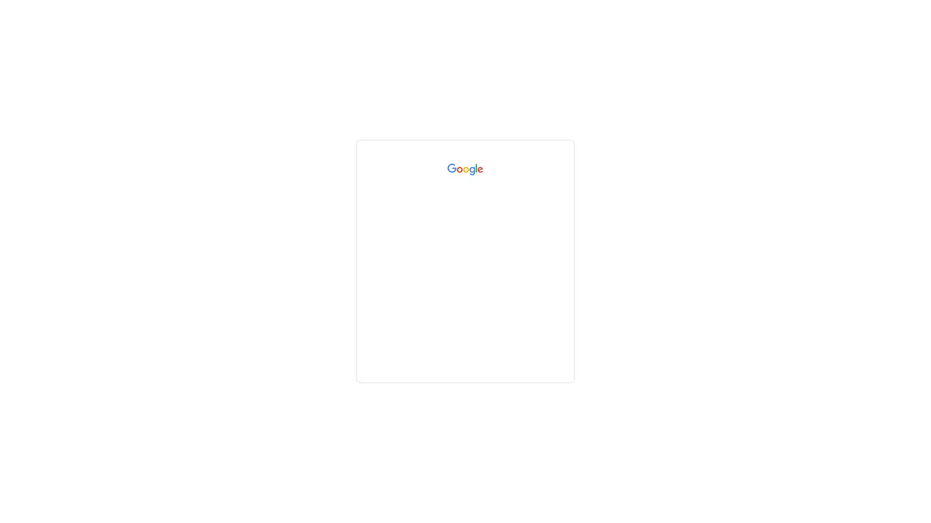 This screenshot has height=523, width=931. I want to click on Forgot email?, so click(398, 265).